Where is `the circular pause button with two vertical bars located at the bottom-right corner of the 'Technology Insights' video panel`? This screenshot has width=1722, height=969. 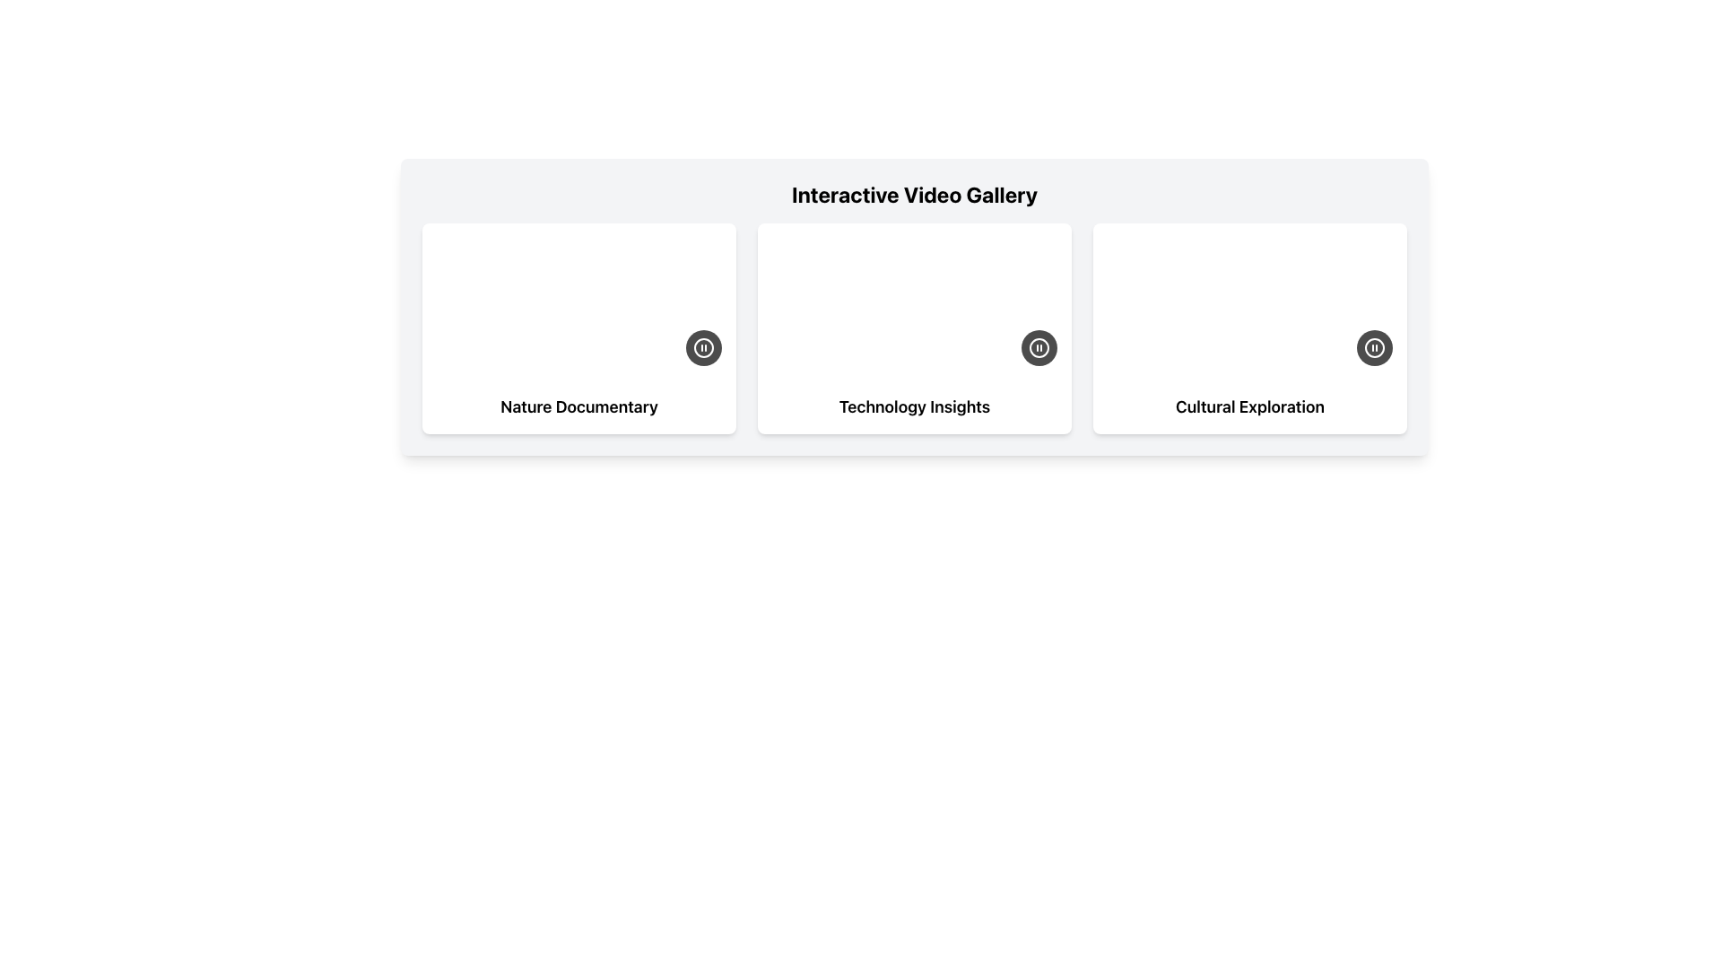 the circular pause button with two vertical bars located at the bottom-right corner of the 'Technology Insights' video panel is located at coordinates (1039, 348).